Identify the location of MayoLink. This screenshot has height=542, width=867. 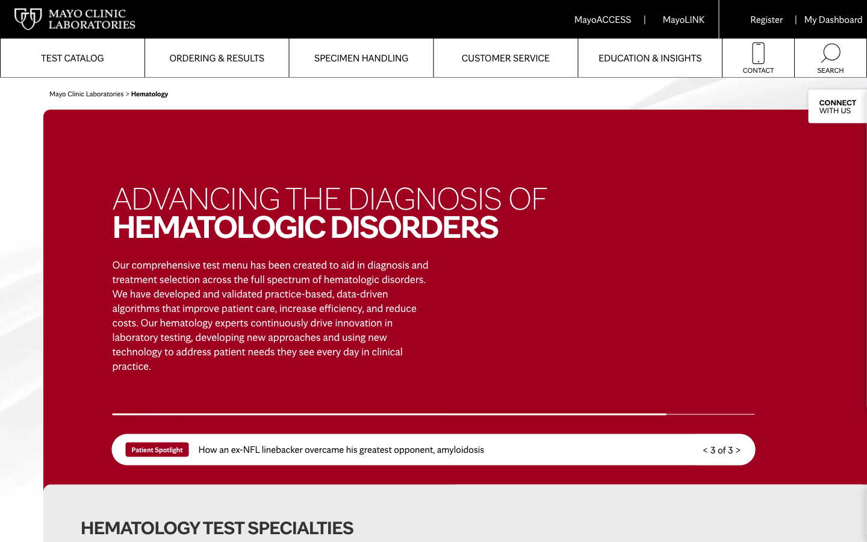
(683, 19).